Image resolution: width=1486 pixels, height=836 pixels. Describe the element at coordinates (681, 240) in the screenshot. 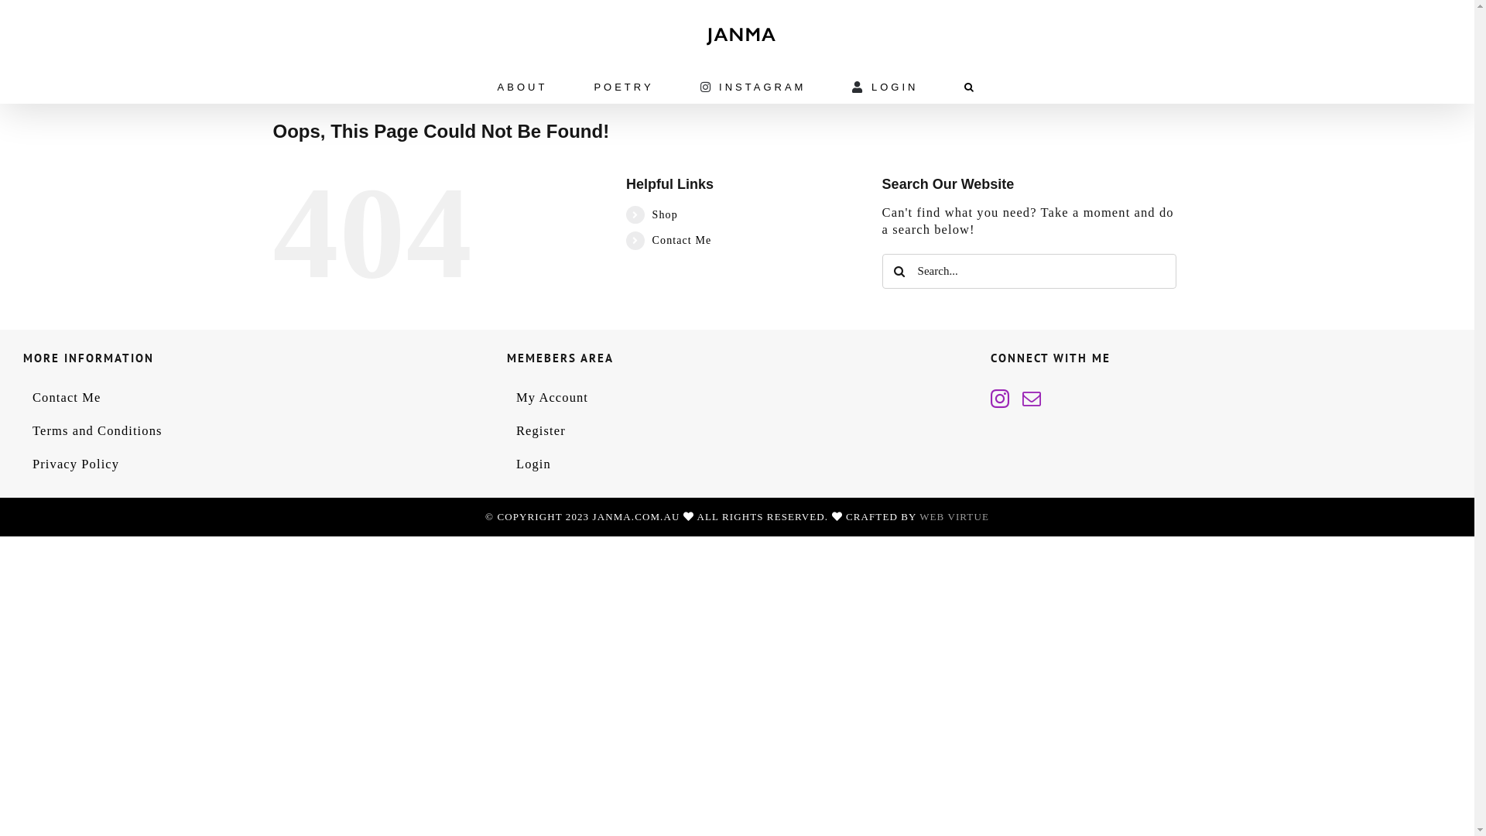

I see `'Contact Me'` at that location.